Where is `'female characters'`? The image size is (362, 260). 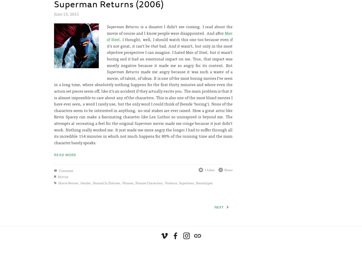
'female characters' is located at coordinates (149, 182).